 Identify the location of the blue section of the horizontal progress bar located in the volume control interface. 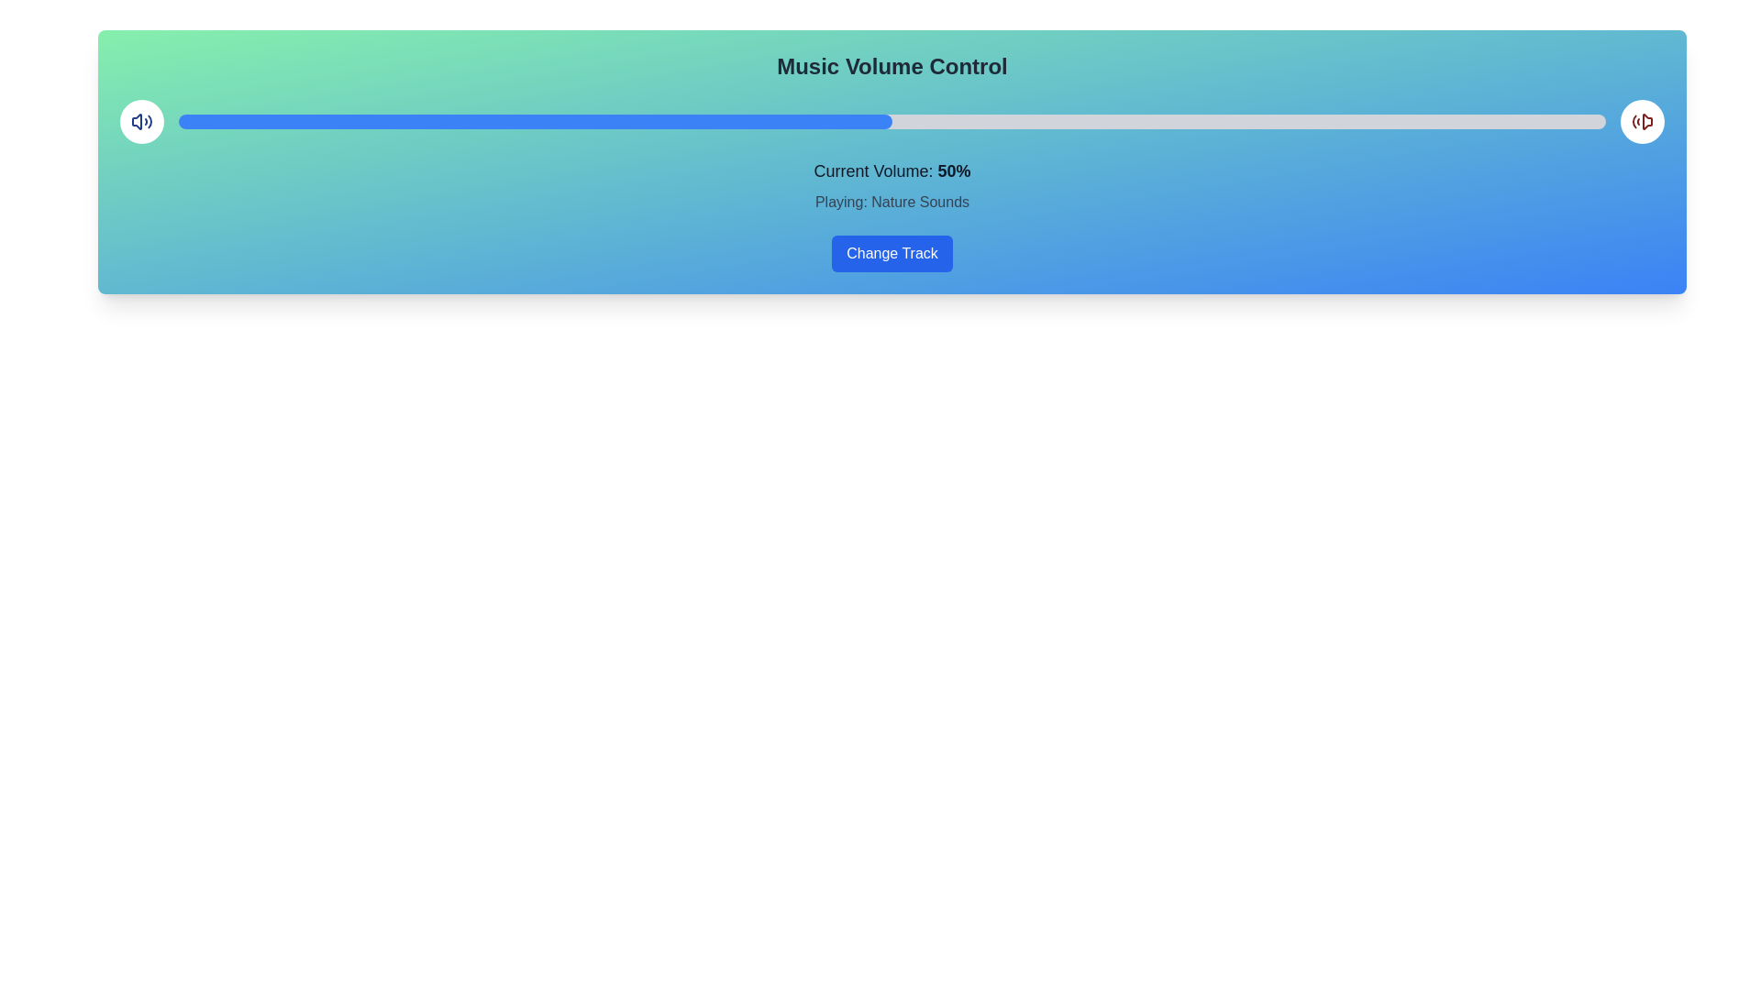
(892, 121).